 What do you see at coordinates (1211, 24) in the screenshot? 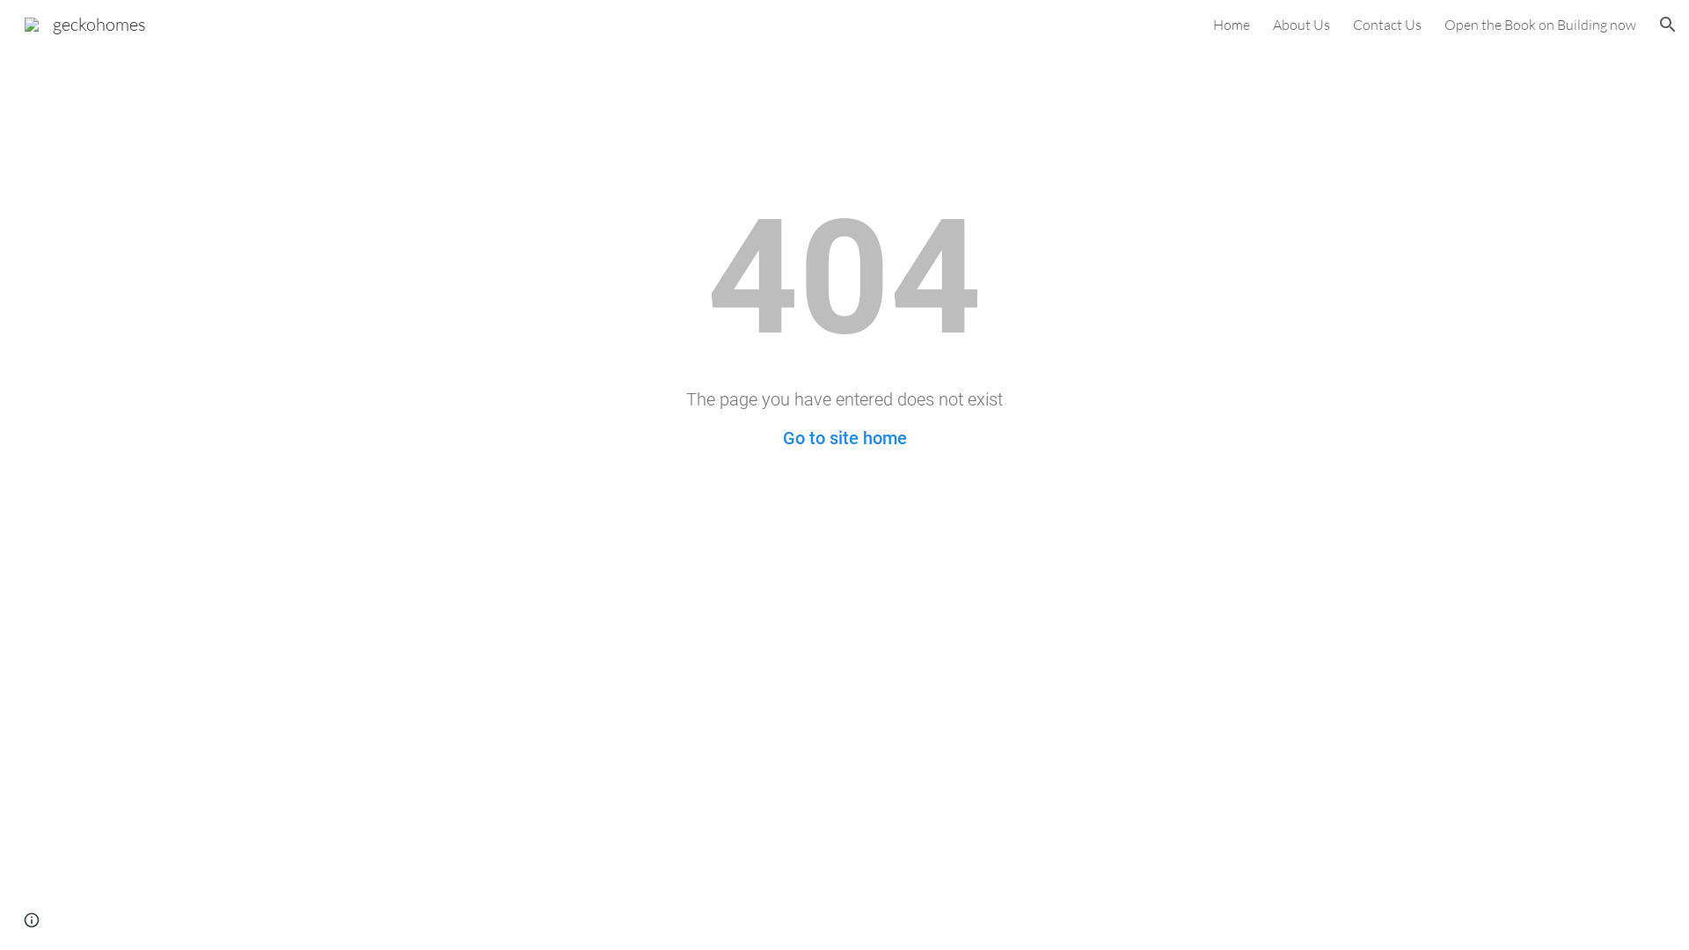
I see `'Home'` at bounding box center [1211, 24].